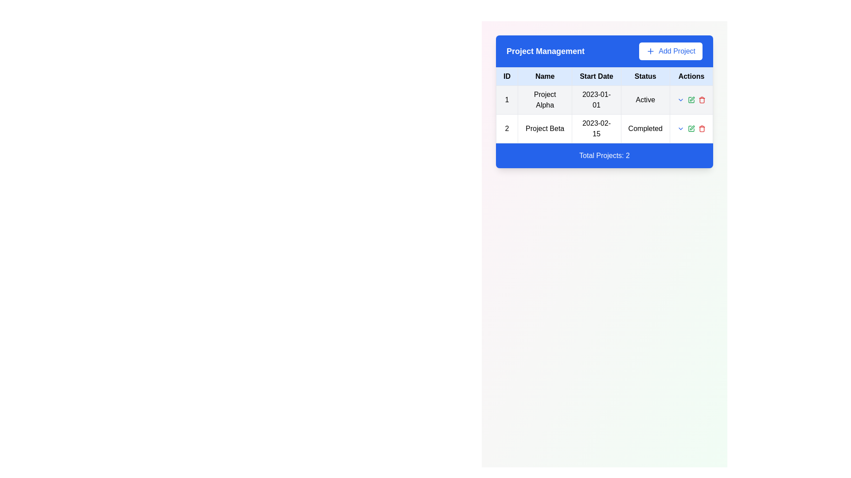  Describe the element at coordinates (596, 76) in the screenshot. I see `text of the 'Start Date' column header, which is the third column header in the table, positioned between the 'Name' and 'Status' headers` at that location.